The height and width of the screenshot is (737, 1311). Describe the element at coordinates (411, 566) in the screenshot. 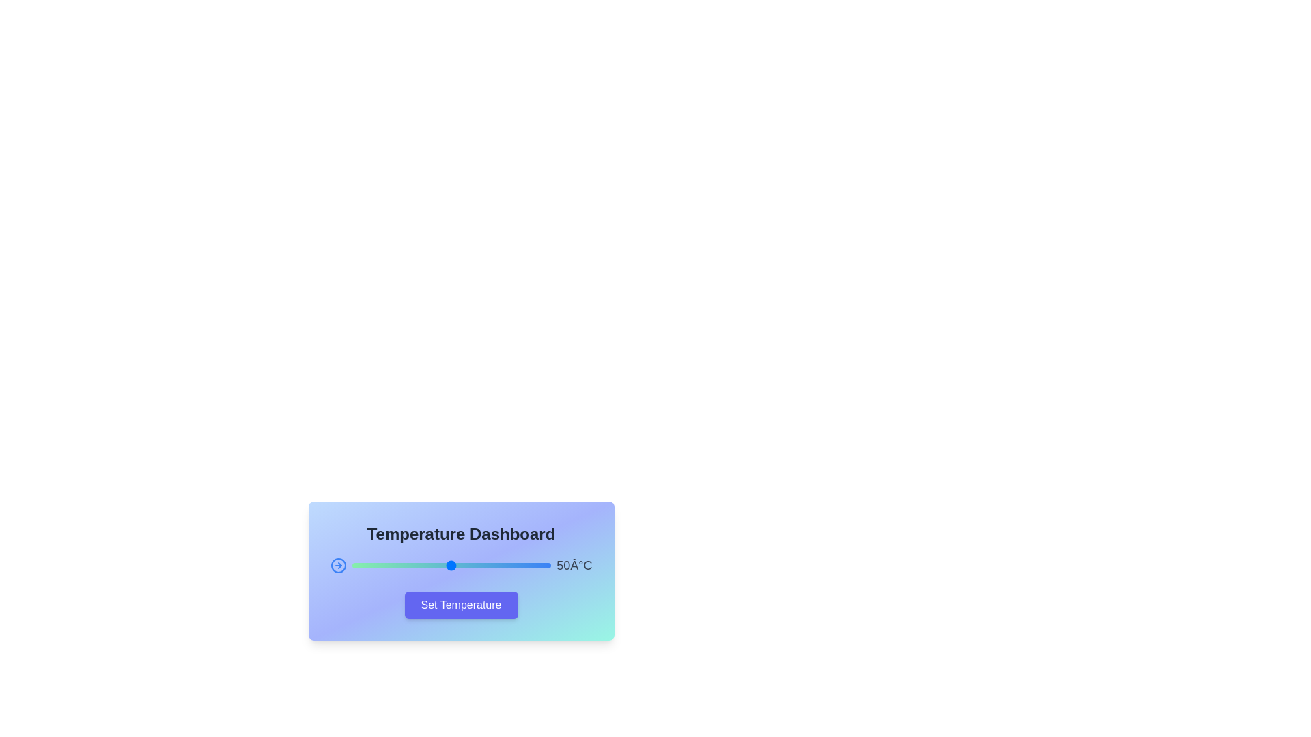

I see `the slider to set the temperature to 30°C` at that location.